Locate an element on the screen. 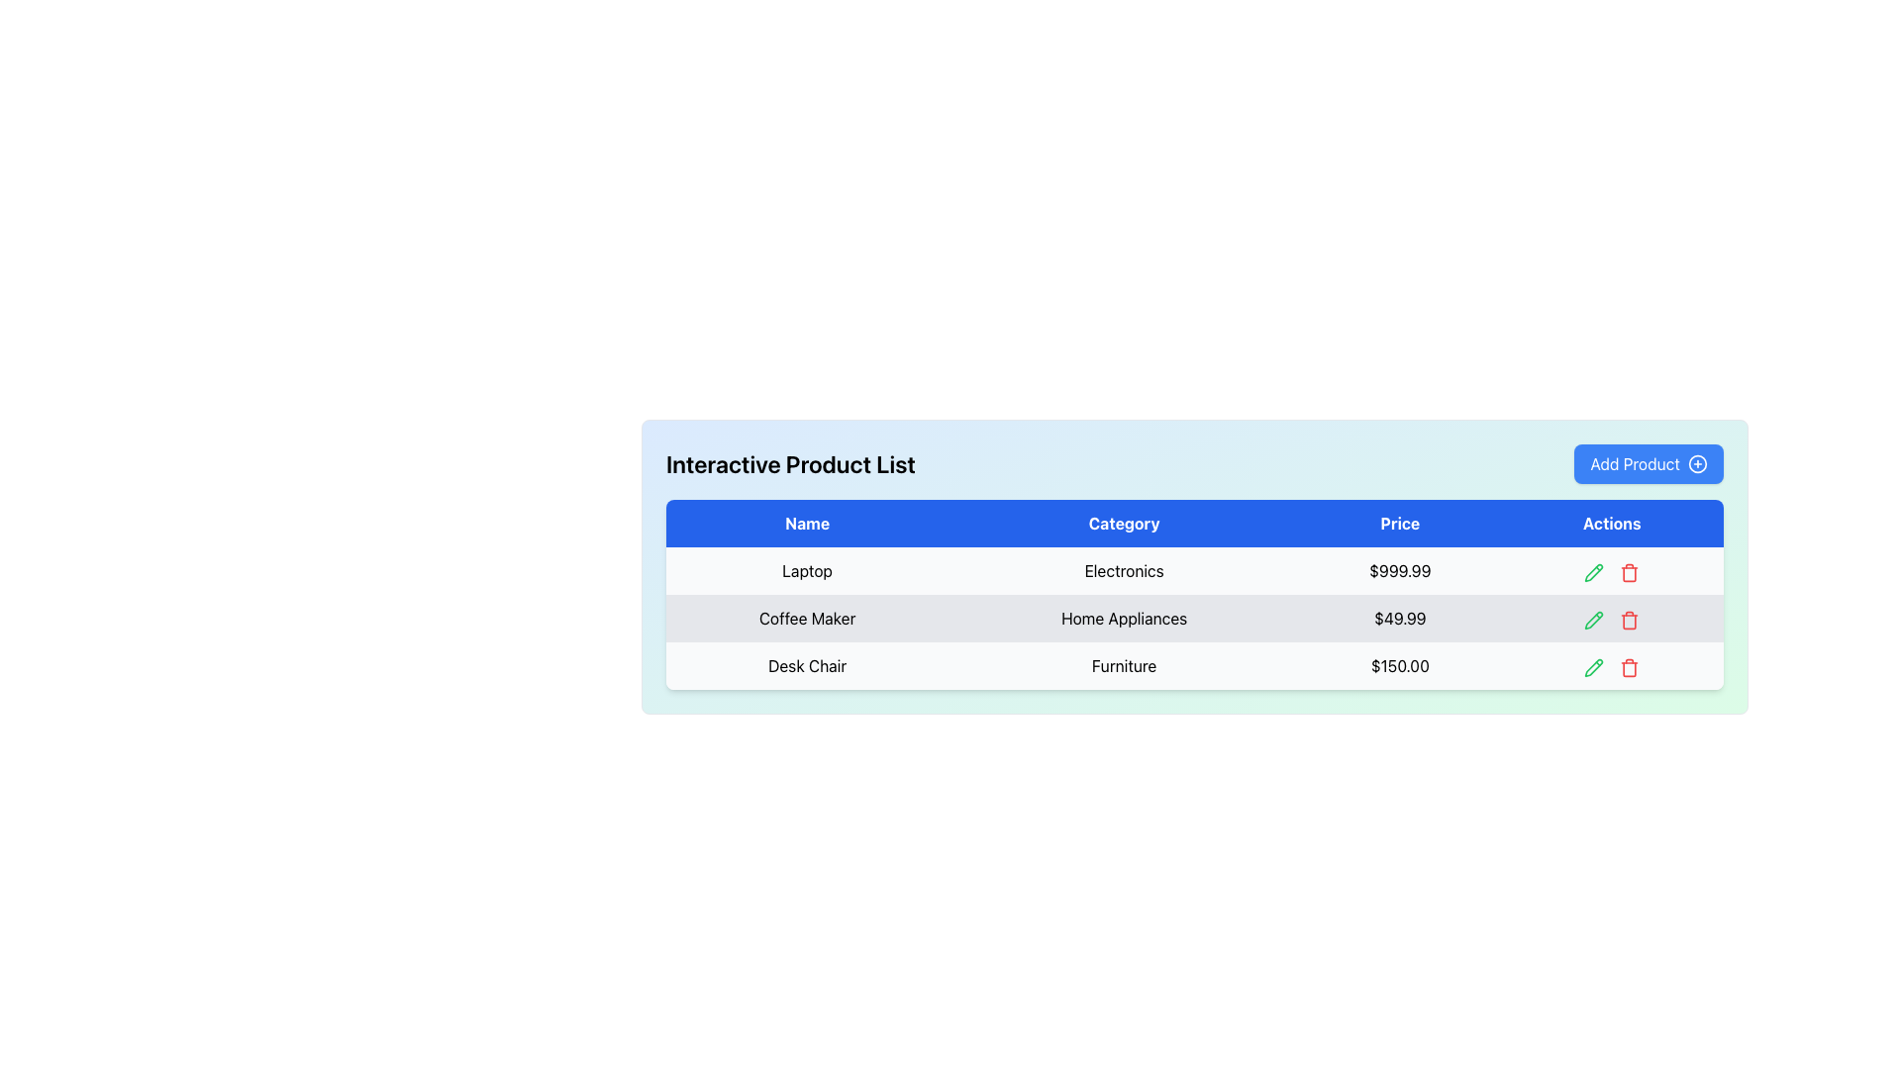  the trash bin icon button located in the Actions column of the first row in the table is located at coordinates (1630, 572).